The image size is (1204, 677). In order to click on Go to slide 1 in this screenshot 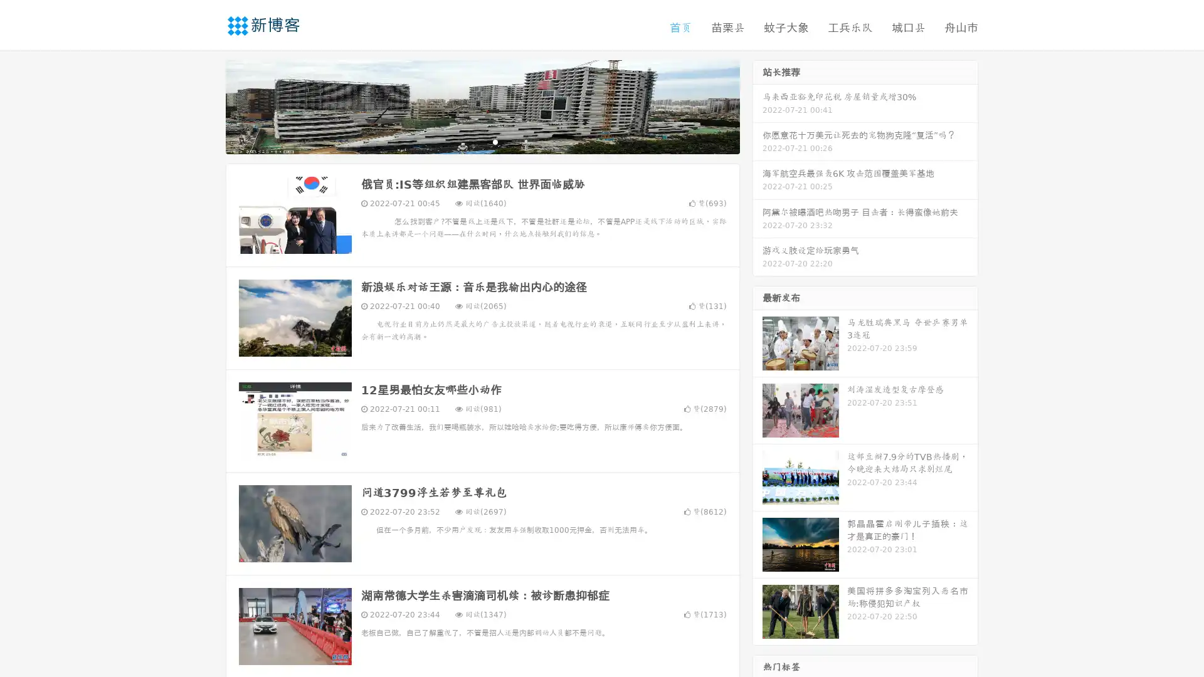, I will do `click(469, 141)`.